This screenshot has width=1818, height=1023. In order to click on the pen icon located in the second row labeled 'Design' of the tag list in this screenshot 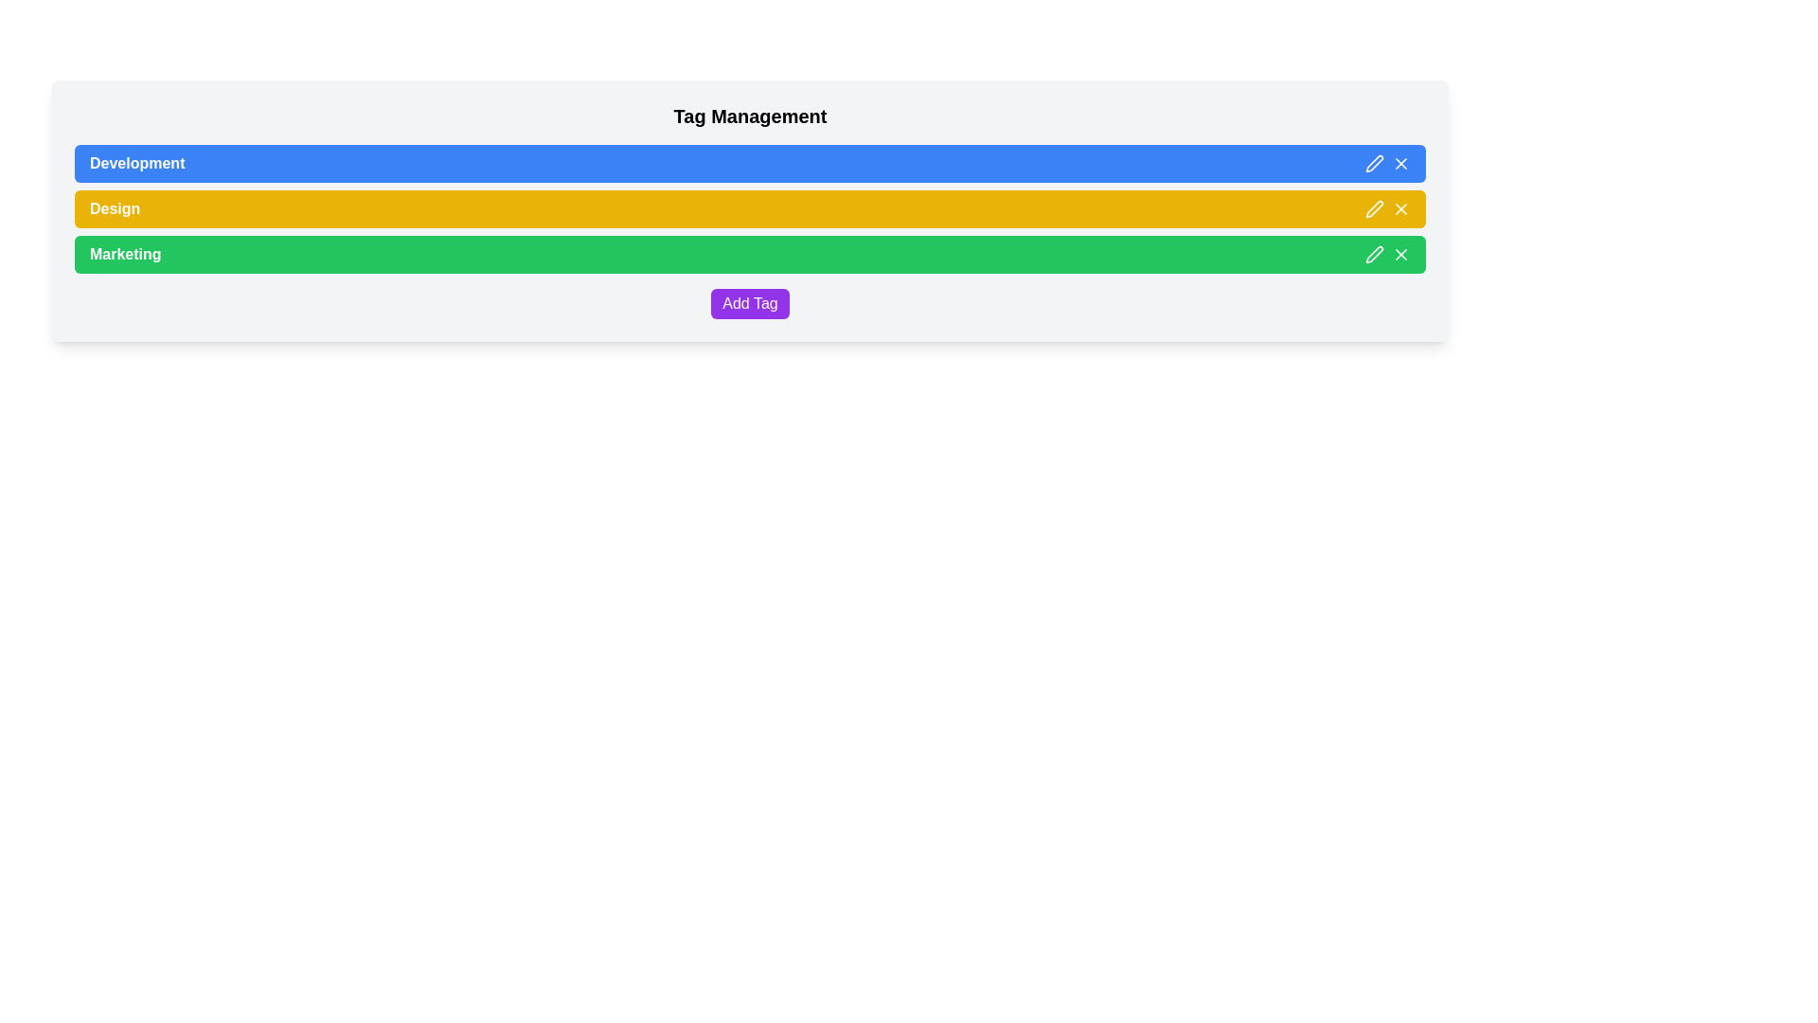, I will do `click(1374, 208)`.